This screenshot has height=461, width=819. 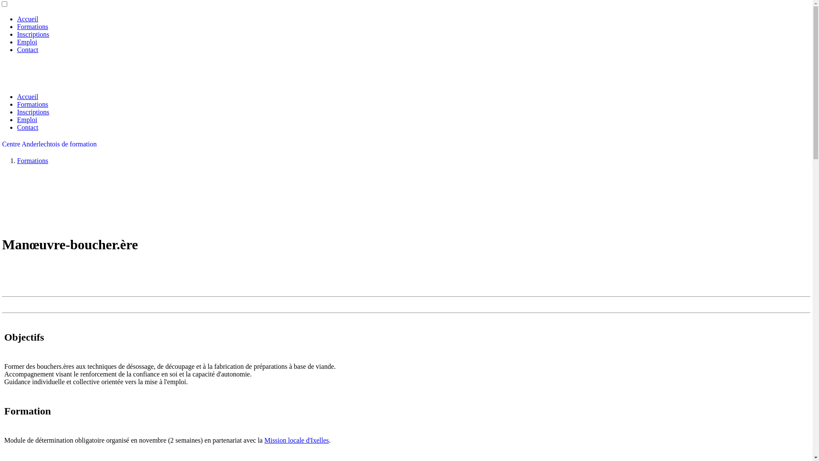 I want to click on 'Emploi', so click(x=27, y=42).